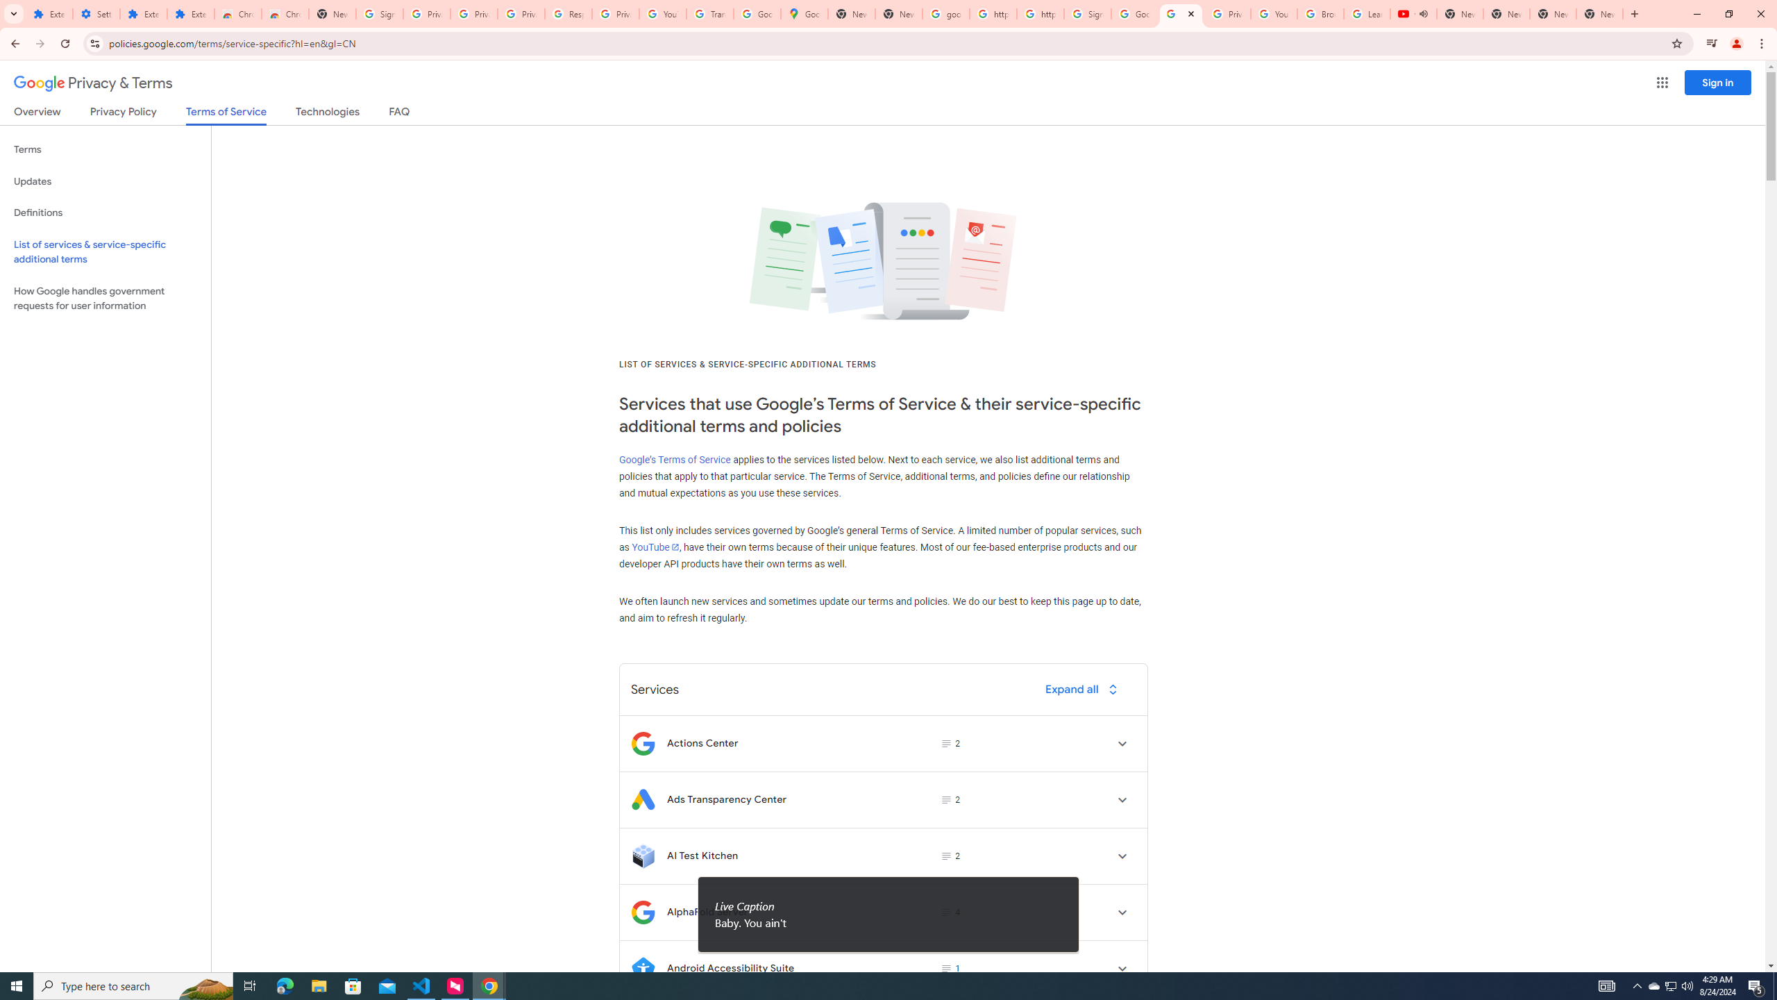  What do you see at coordinates (105, 297) in the screenshot?
I see `'How Google handles government requests for user information'` at bounding box center [105, 297].